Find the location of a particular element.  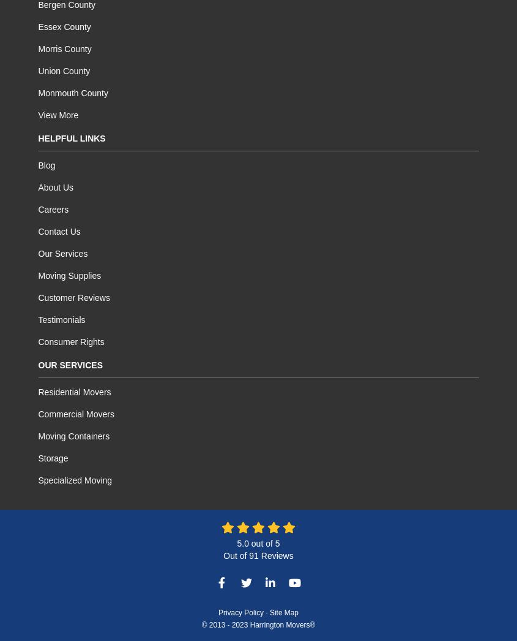

'Privacy Policy' is located at coordinates (218, 612).